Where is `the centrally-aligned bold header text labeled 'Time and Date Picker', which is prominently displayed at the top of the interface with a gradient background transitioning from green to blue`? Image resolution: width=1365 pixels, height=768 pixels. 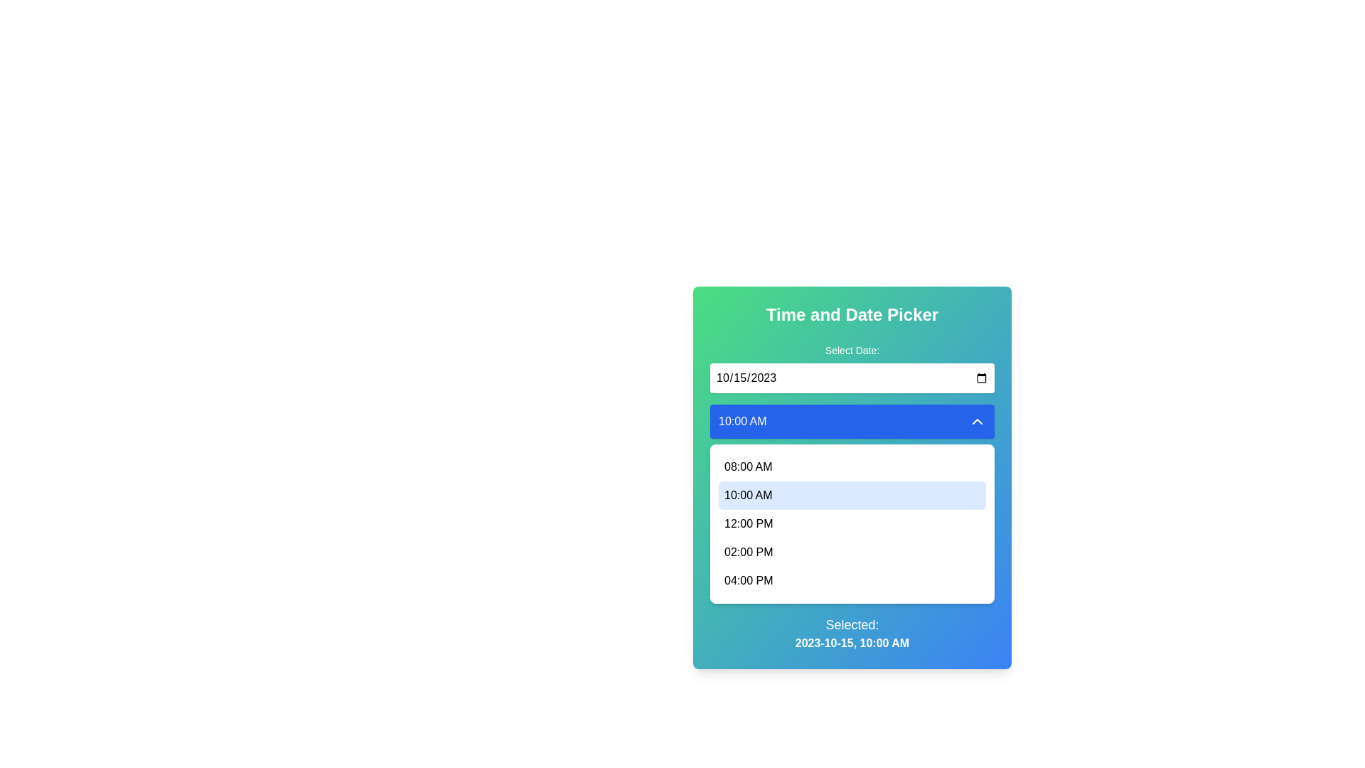
the centrally-aligned bold header text labeled 'Time and Date Picker', which is prominently displayed at the top of the interface with a gradient background transitioning from green to blue is located at coordinates (852, 314).